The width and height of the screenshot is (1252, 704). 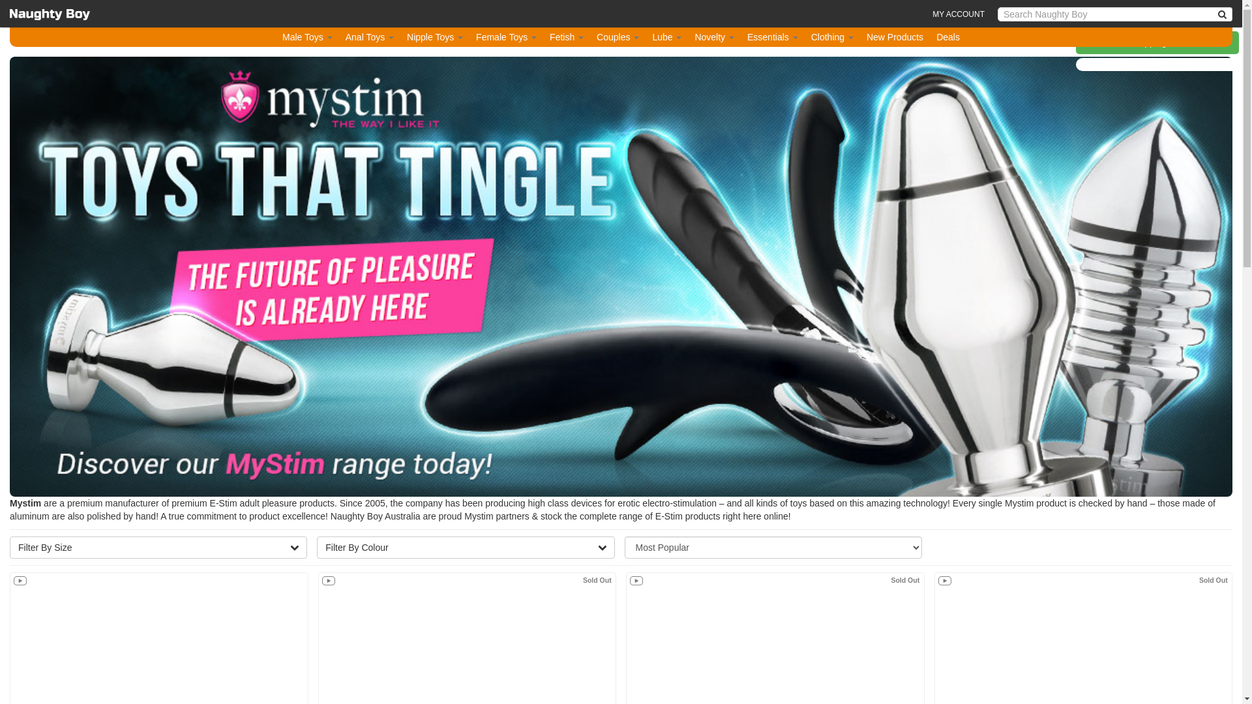 What do you see at coordinates (435, 37) in the screenshot?
I see `'Nipple Toys'` at bounding box center [435, 37].